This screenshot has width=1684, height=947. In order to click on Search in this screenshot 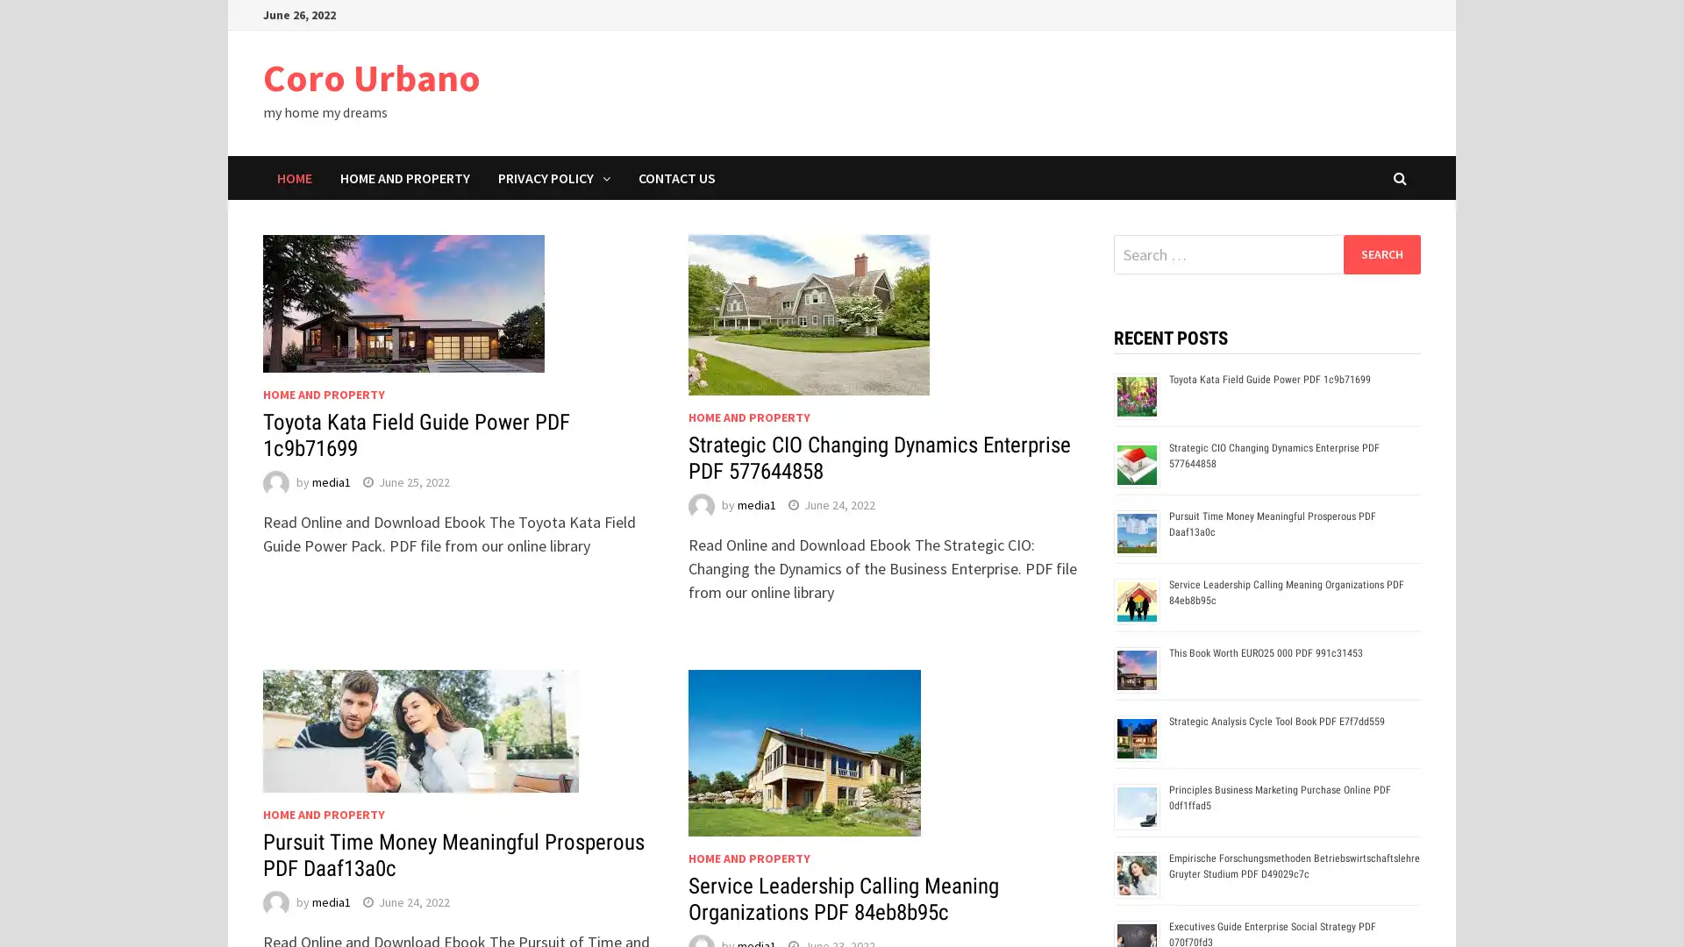, I will do `click(1381, 253)`.